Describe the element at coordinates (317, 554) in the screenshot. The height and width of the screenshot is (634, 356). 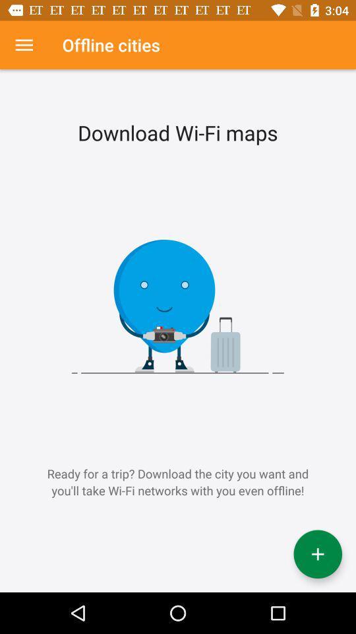
I see `the add icon` at that location.